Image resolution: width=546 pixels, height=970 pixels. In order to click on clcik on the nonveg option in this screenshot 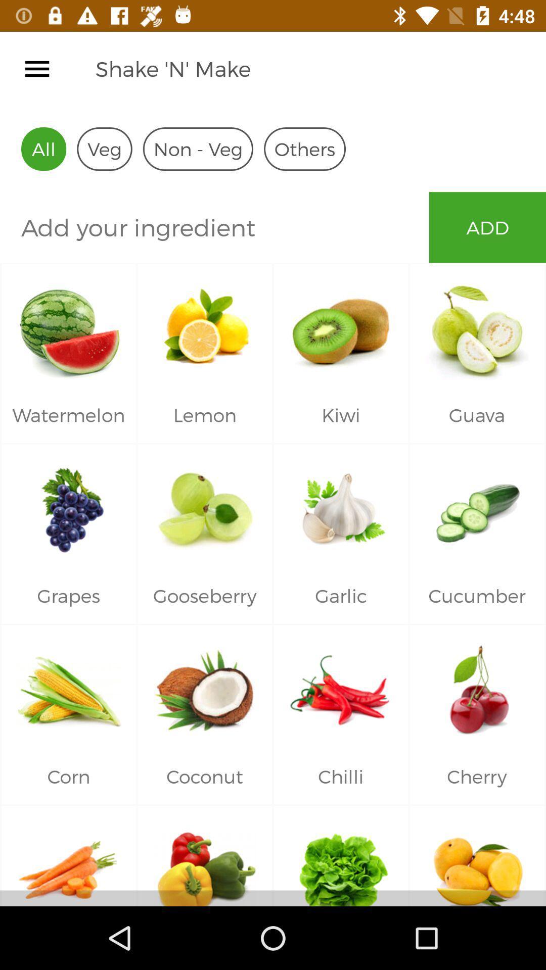, I will do `click(198, 148)`.